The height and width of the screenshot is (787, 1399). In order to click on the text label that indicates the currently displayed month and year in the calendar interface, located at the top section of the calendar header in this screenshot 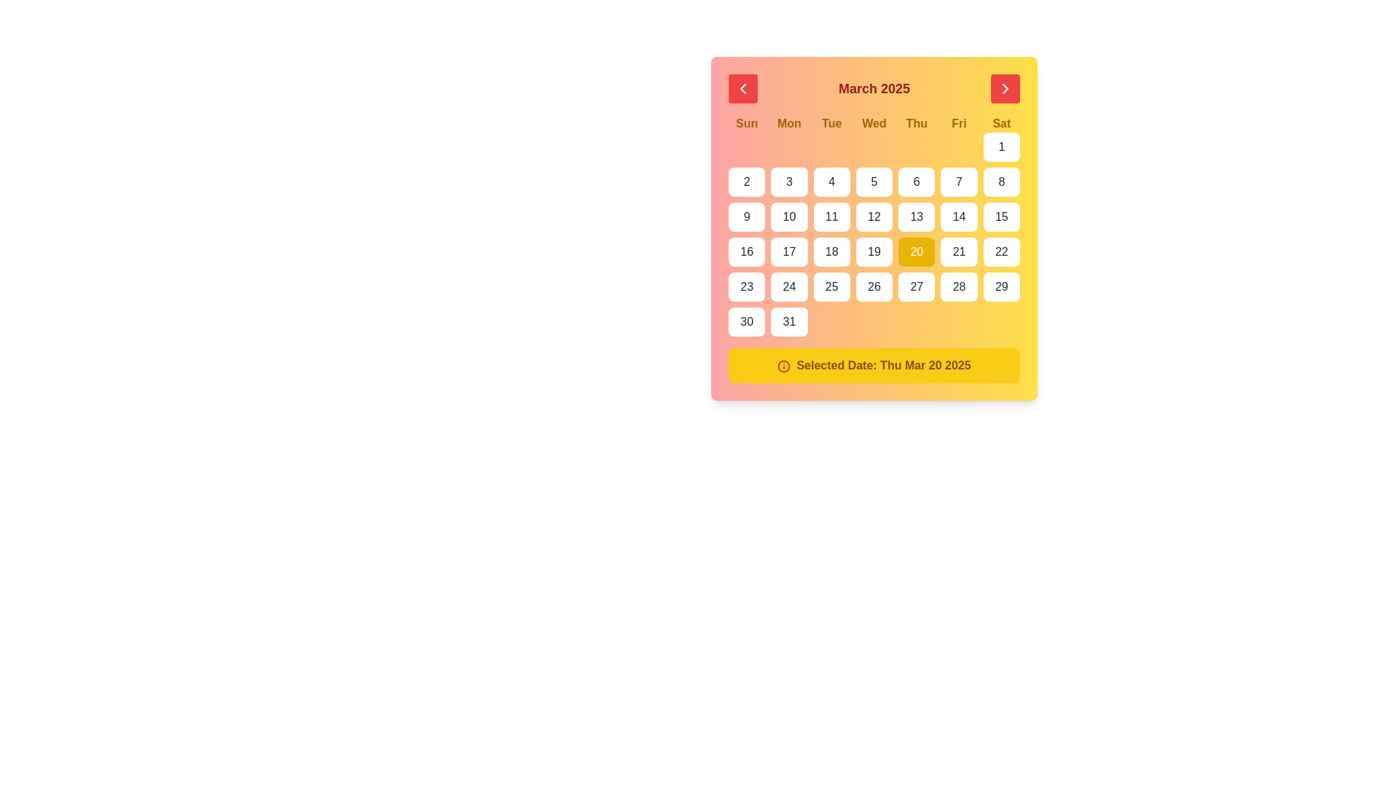, I will do `click(874, 89)`.